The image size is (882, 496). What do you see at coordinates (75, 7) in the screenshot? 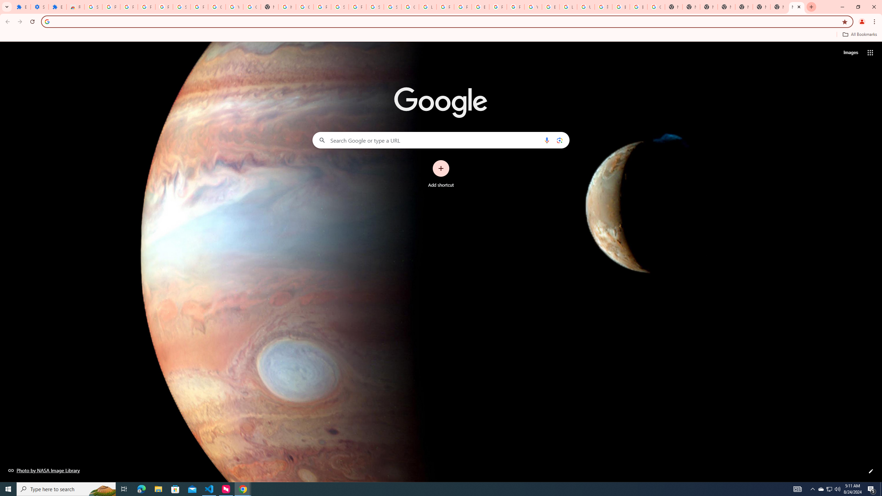
I see `'Reviews: Helix Fruit Jump Arcade Game'` at bounding box center [75, 7].